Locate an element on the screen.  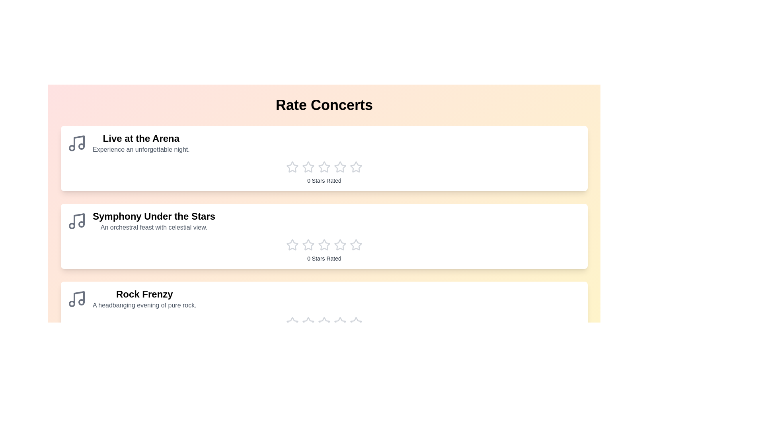
the star corresponding to the rating 1 for the concert Symphony Under the Stars is located at coordinates (292, 245).